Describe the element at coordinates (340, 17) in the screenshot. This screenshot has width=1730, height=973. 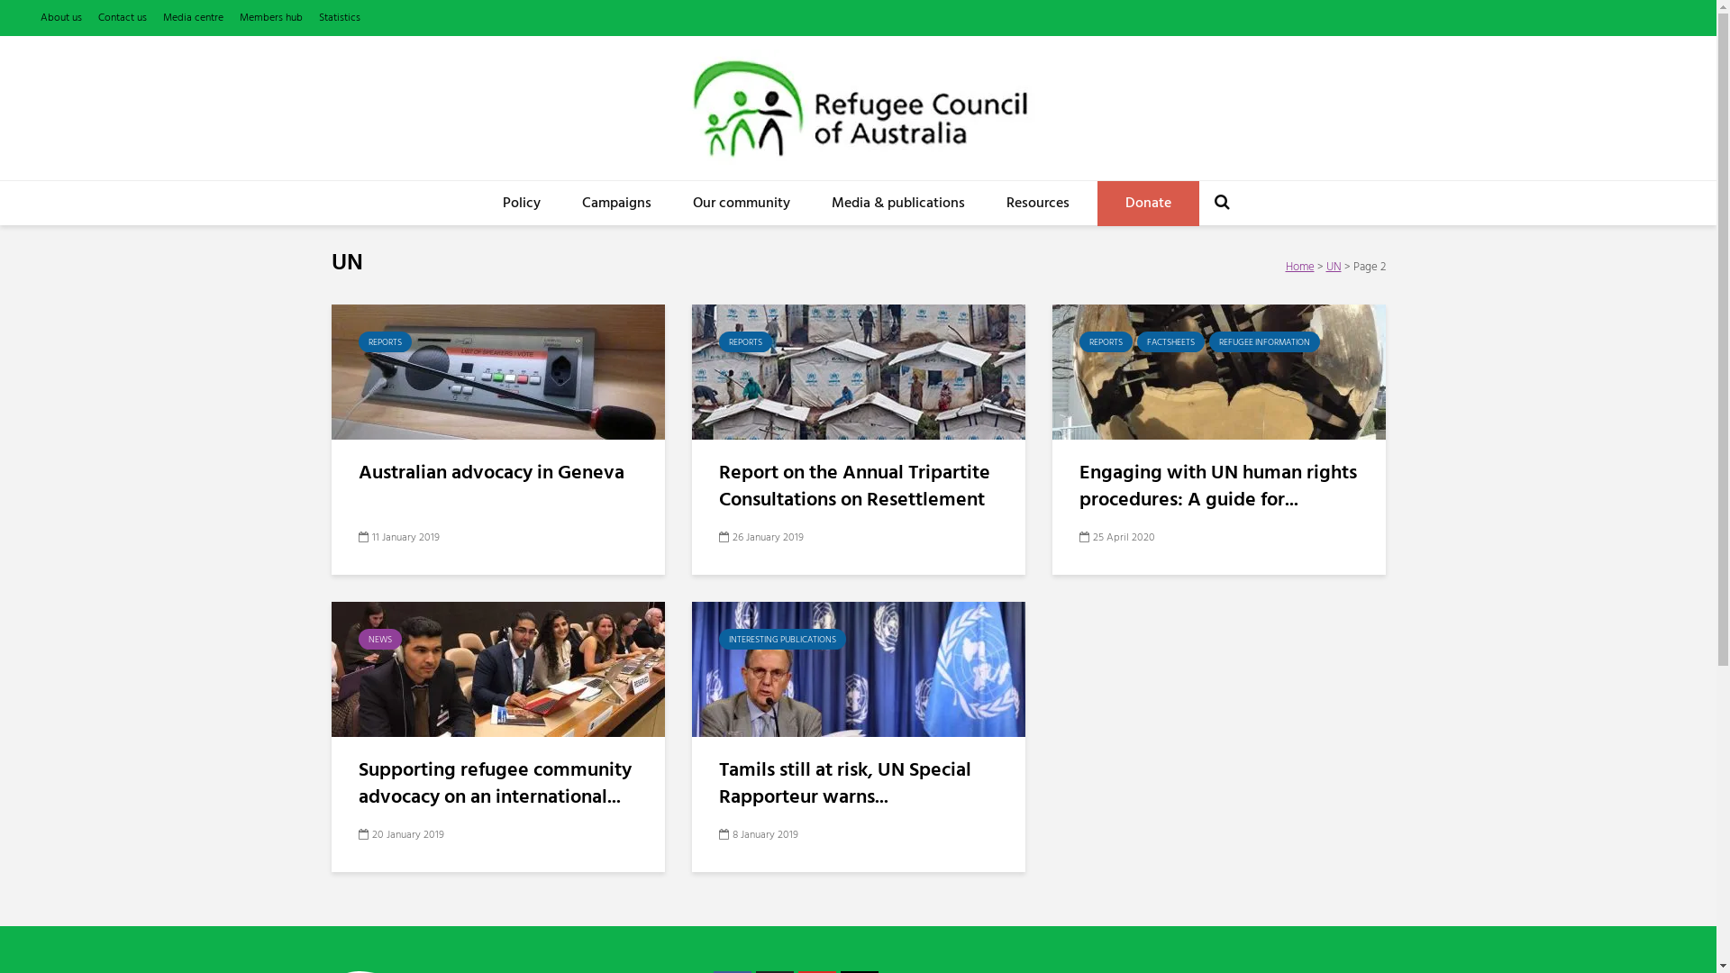
I see `'Statistics'` at that location.